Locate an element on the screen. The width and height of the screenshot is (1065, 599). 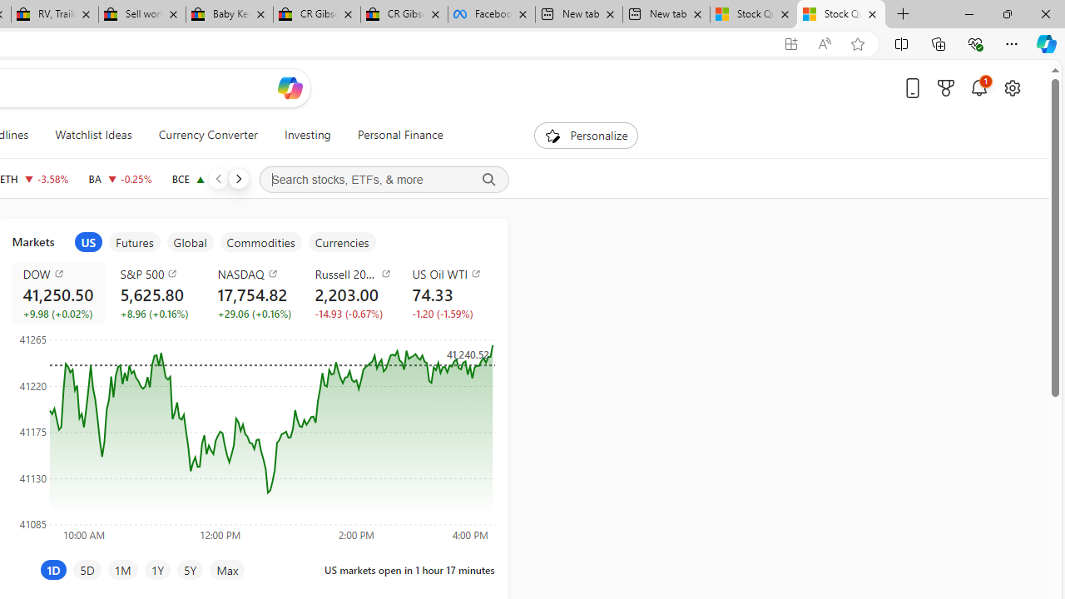
'Class: recharts-surface' is located at coordinates (252, 435).